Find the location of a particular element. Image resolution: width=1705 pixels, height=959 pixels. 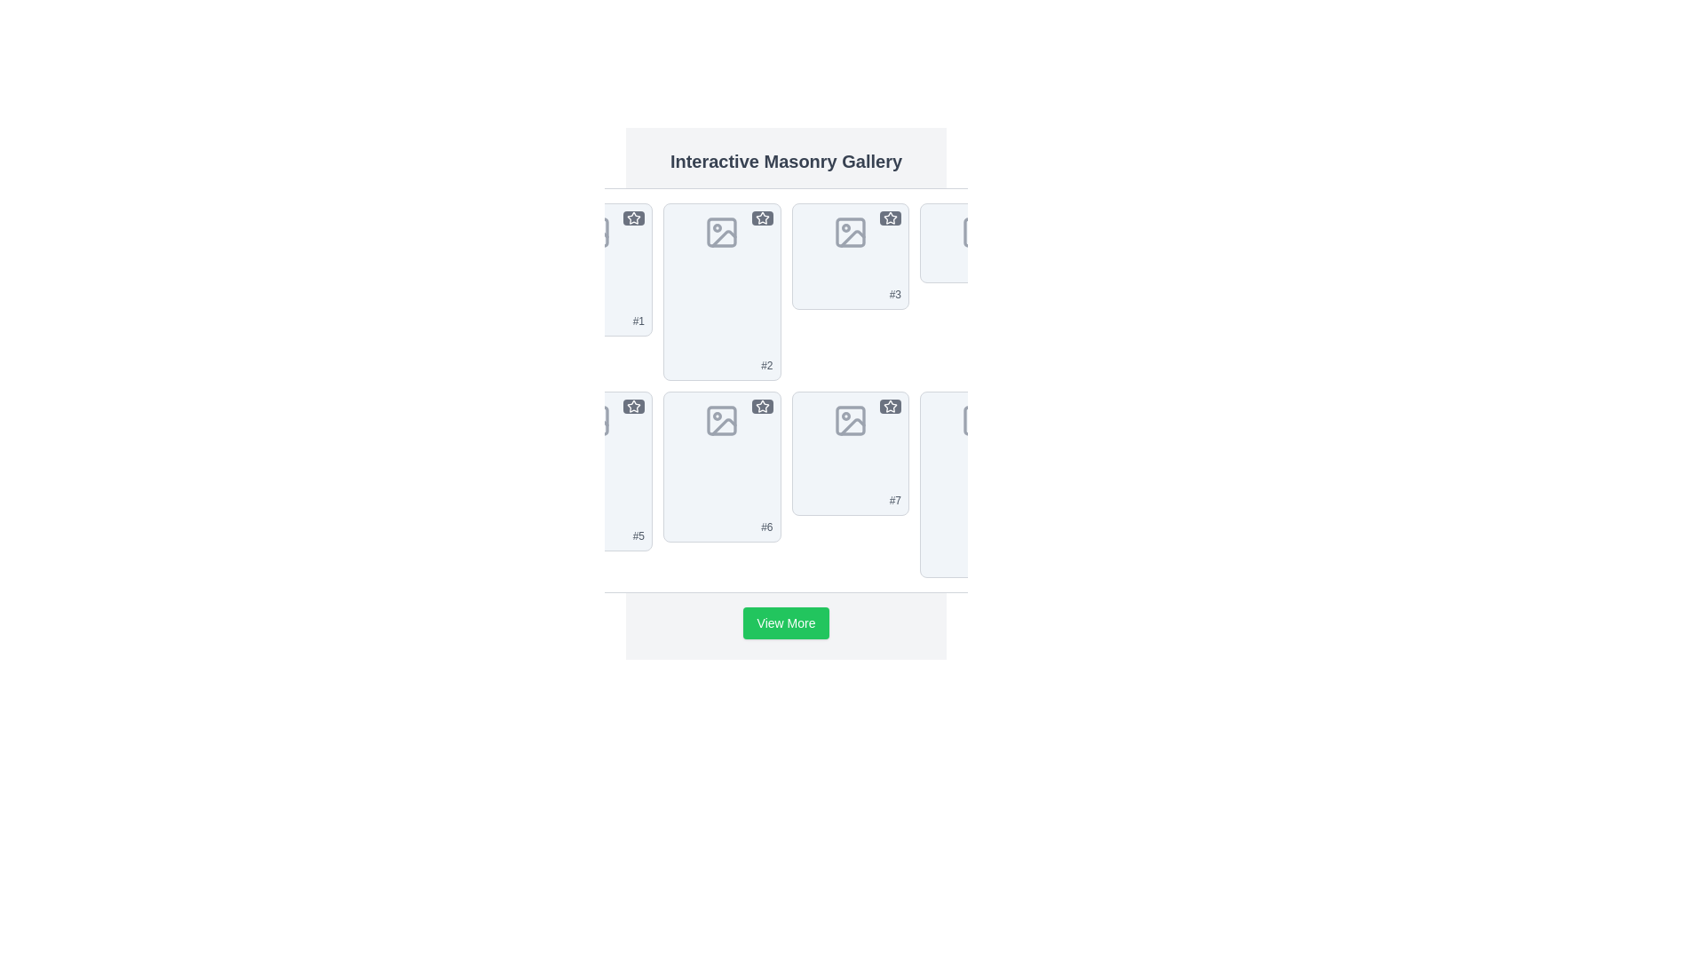

the SVG rectangle component that visually represents an image placeholder in the third visual card of the gallery layout is located at coordinates (849, 232).